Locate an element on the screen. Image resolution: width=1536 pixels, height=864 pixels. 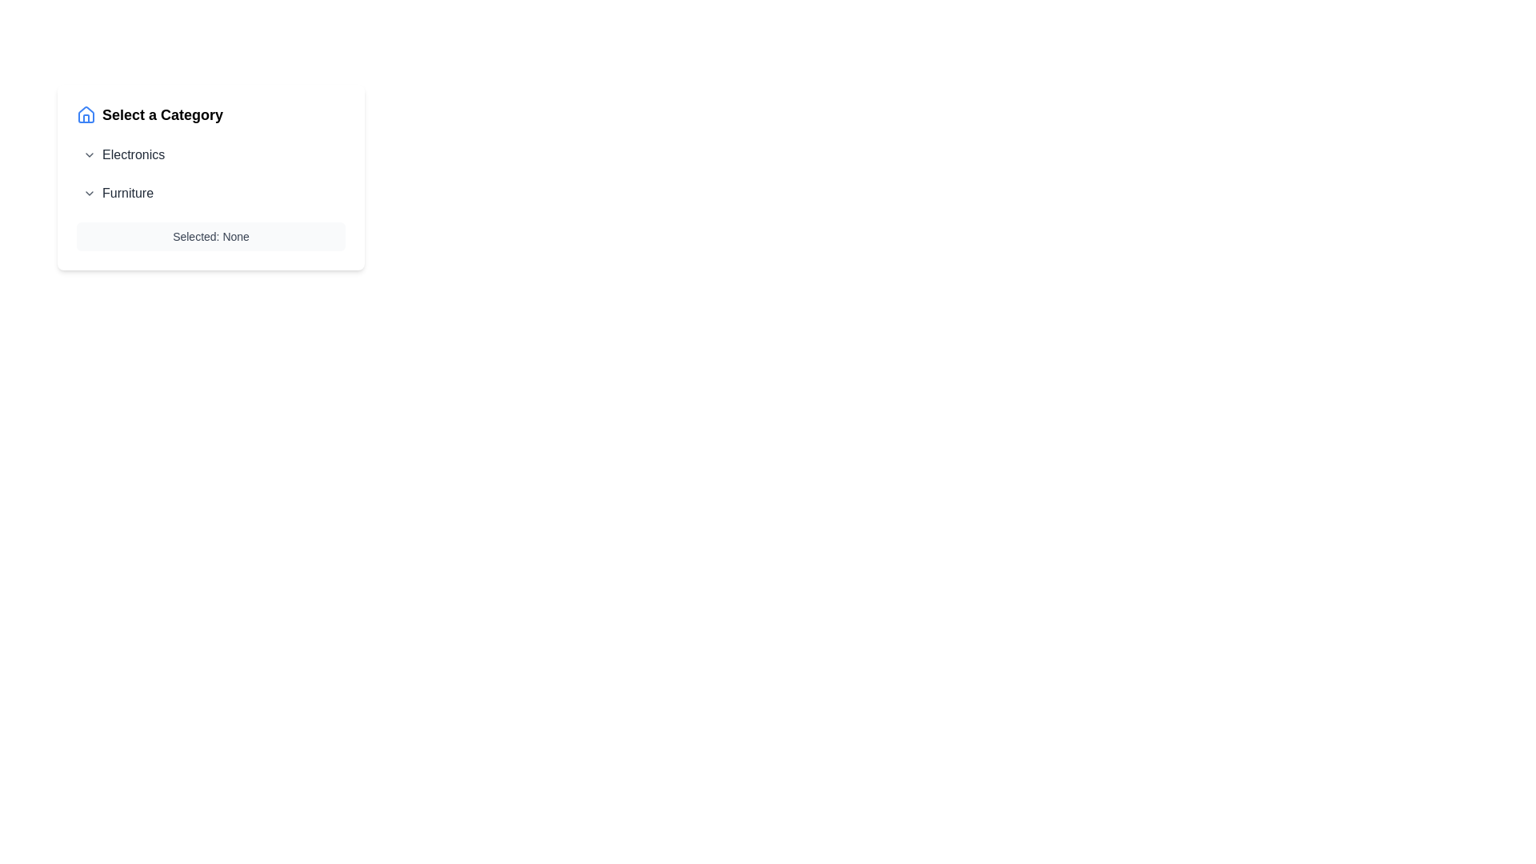
the small vertical segment in the middle section of the house icon, located to the left of the 'Select a Category' text header is located at coordinates (86, 118).